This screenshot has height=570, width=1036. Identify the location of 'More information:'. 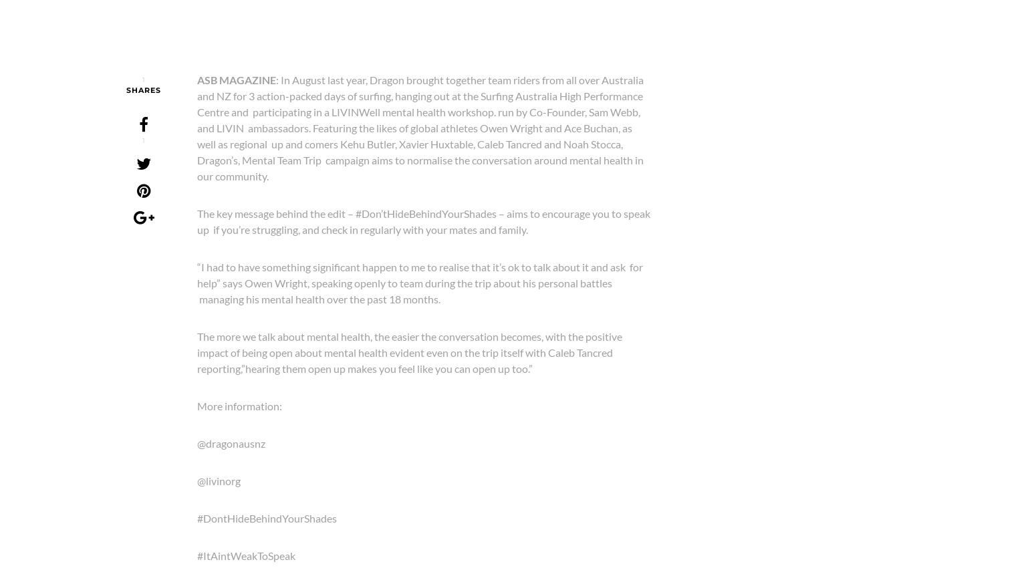
(239, 404).